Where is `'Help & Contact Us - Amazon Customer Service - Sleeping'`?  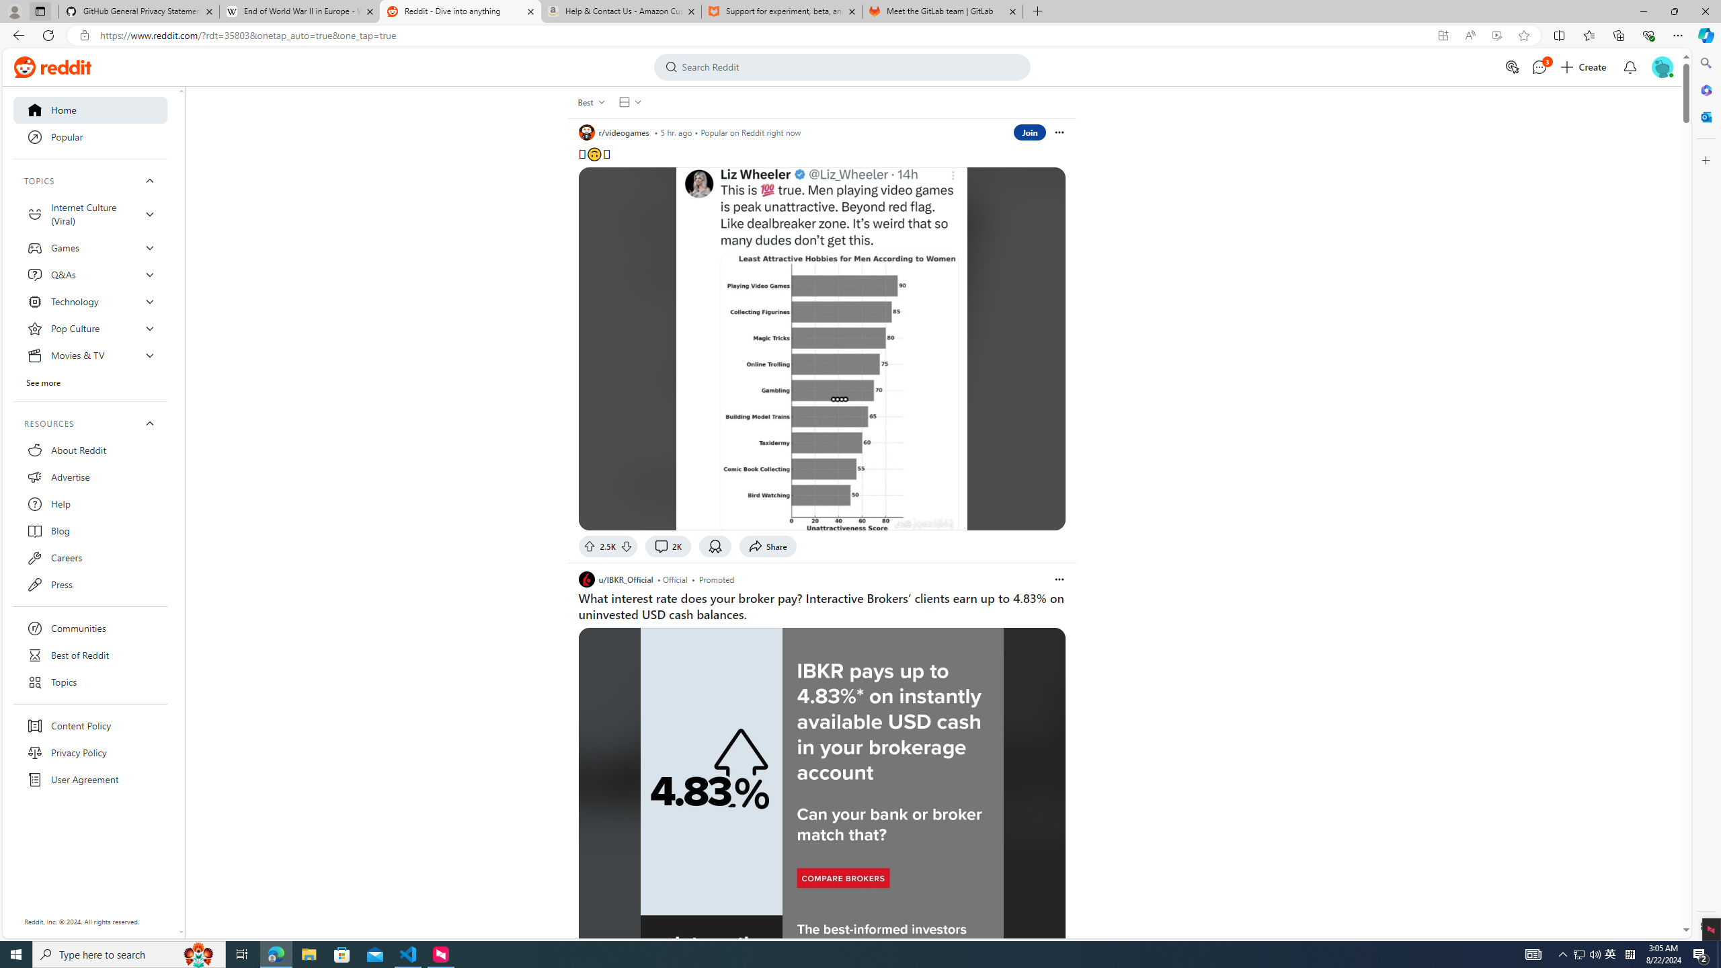 'Help & Contact Us - Amazon Customer Service - Sleeping' is located at coordinates (621, 11).